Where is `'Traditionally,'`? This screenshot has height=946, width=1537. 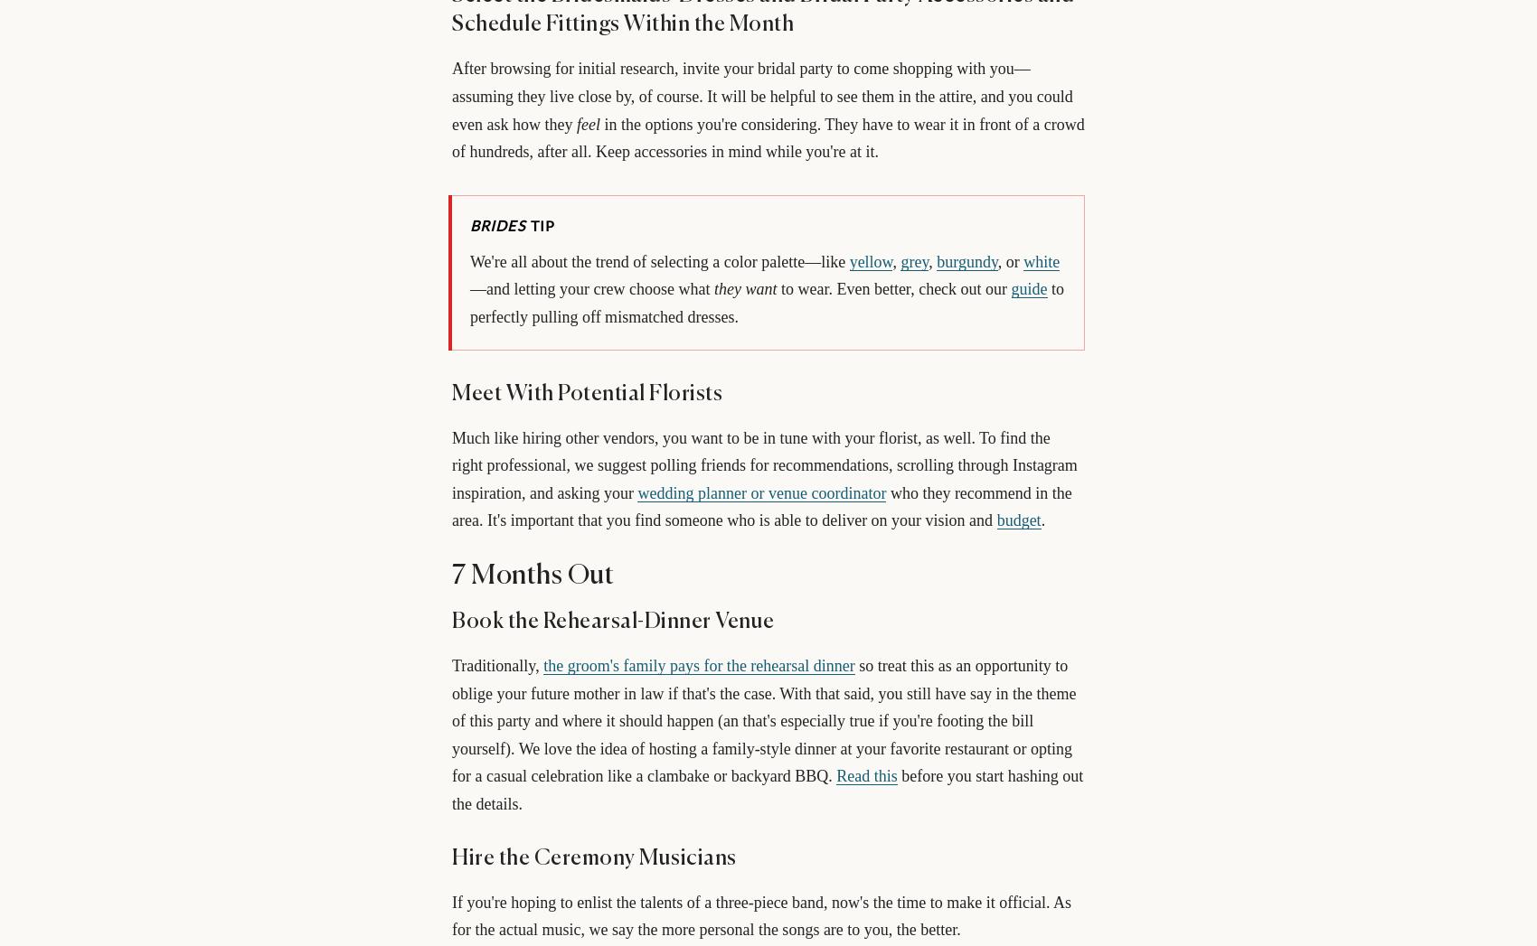
'Traditionally,' is located at coordinates (496, 665).